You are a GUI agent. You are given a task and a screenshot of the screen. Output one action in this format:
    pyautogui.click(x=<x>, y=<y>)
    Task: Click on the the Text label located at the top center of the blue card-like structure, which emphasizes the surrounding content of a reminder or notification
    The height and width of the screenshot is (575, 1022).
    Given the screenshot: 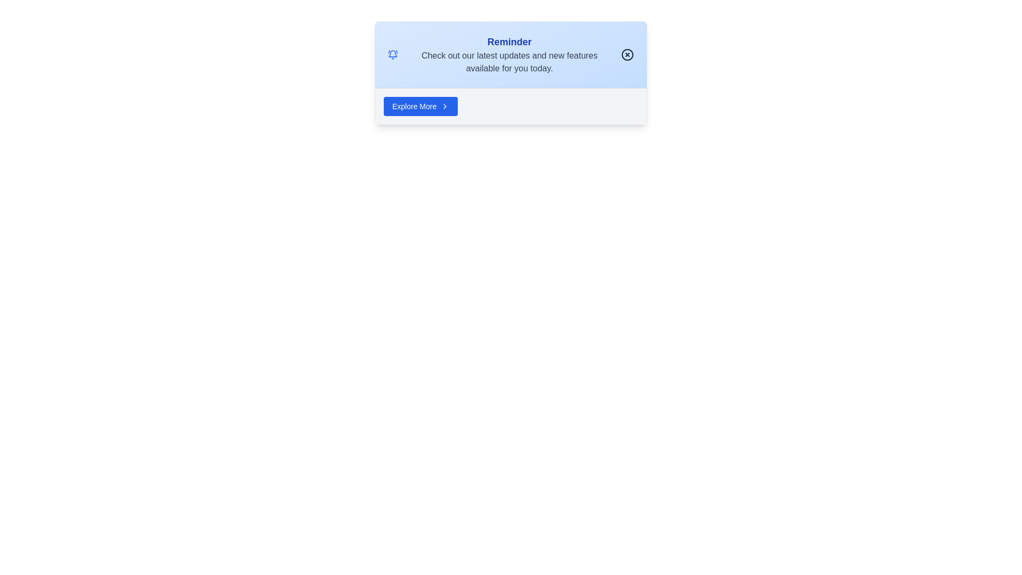 What is the action you would take?
    pyautogui.click(x=509, y=41)
    